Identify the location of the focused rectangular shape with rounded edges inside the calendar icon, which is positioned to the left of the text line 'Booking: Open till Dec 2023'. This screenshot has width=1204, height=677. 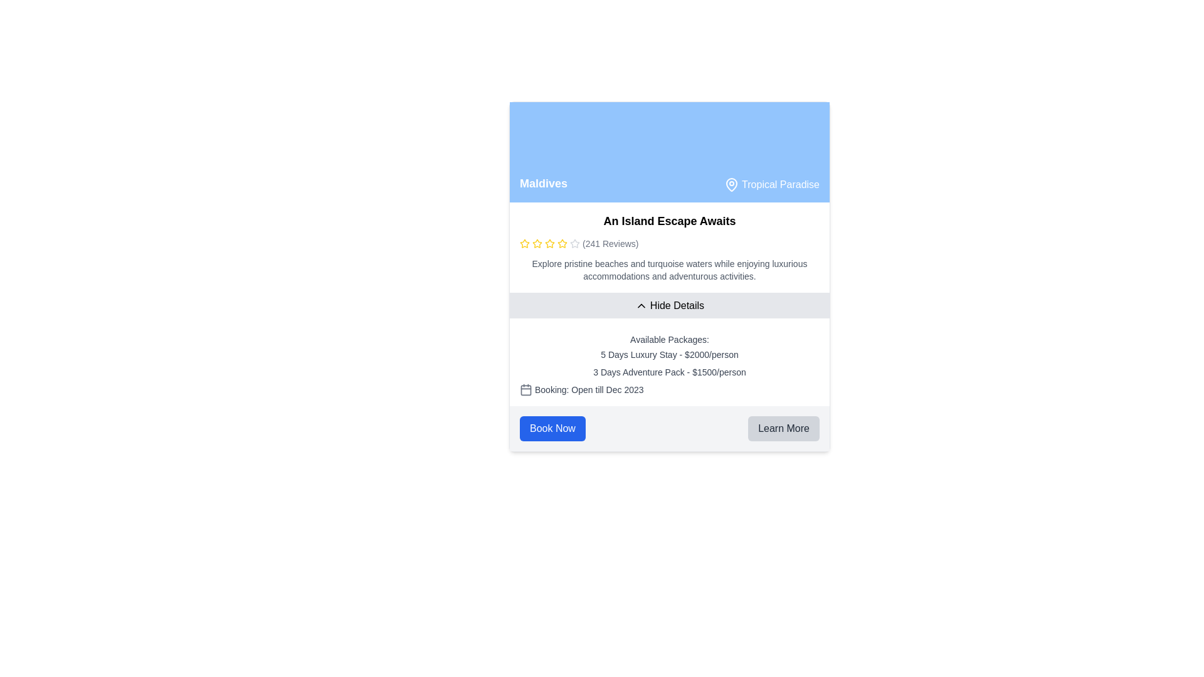
(526, 389).